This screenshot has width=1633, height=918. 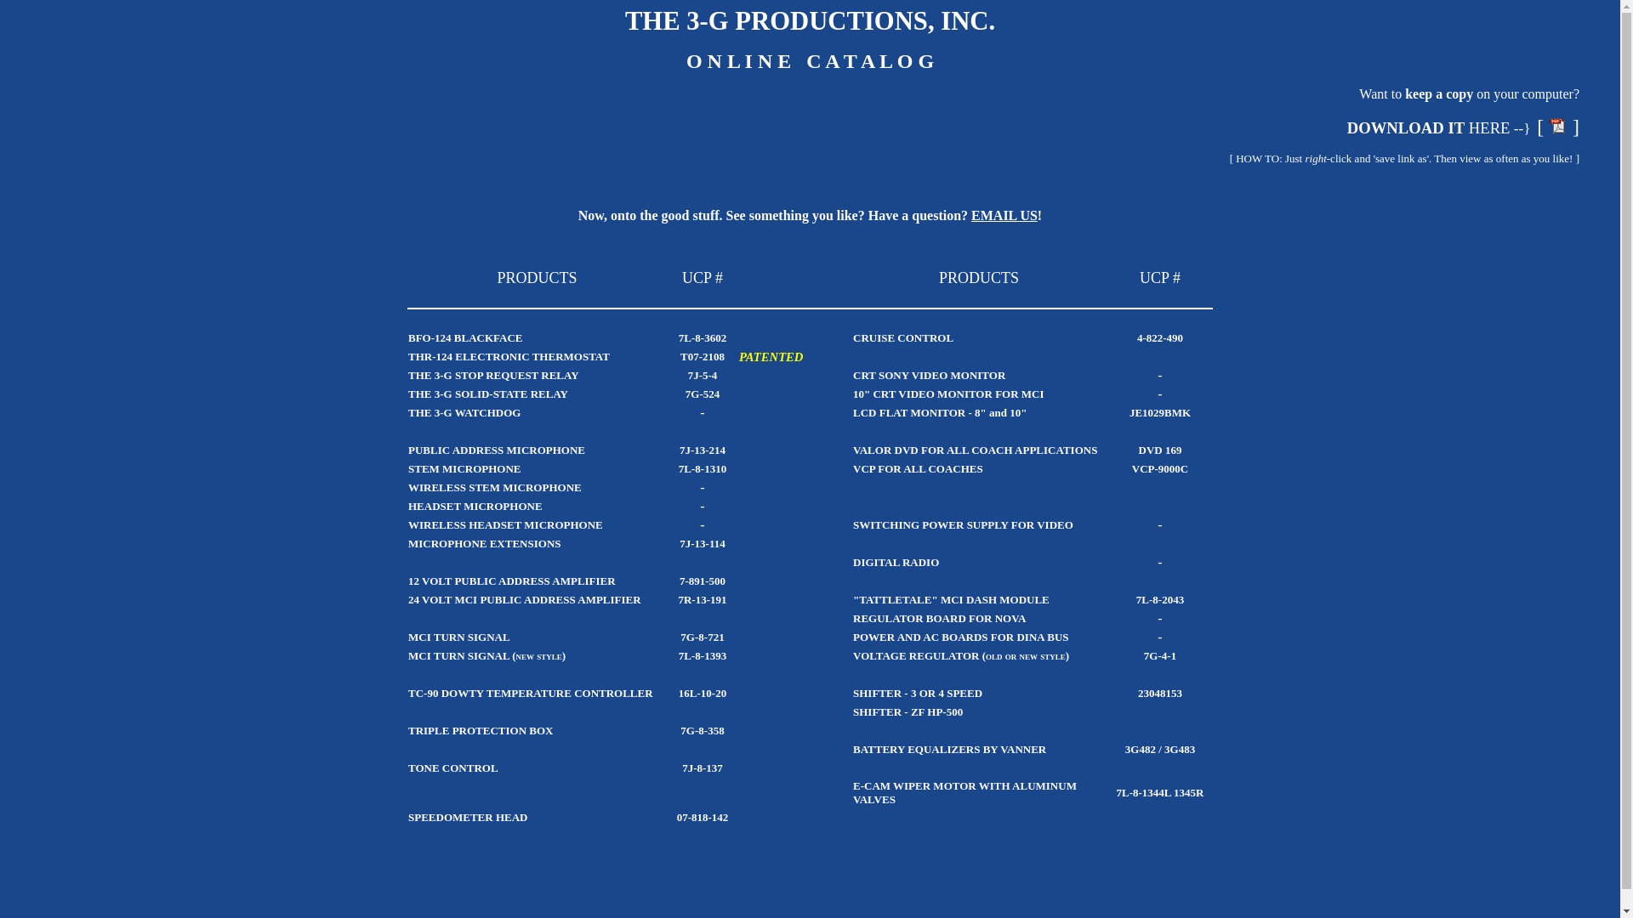 I want to click on 'DIGITAL RADIO', so click(x=895, y=562).